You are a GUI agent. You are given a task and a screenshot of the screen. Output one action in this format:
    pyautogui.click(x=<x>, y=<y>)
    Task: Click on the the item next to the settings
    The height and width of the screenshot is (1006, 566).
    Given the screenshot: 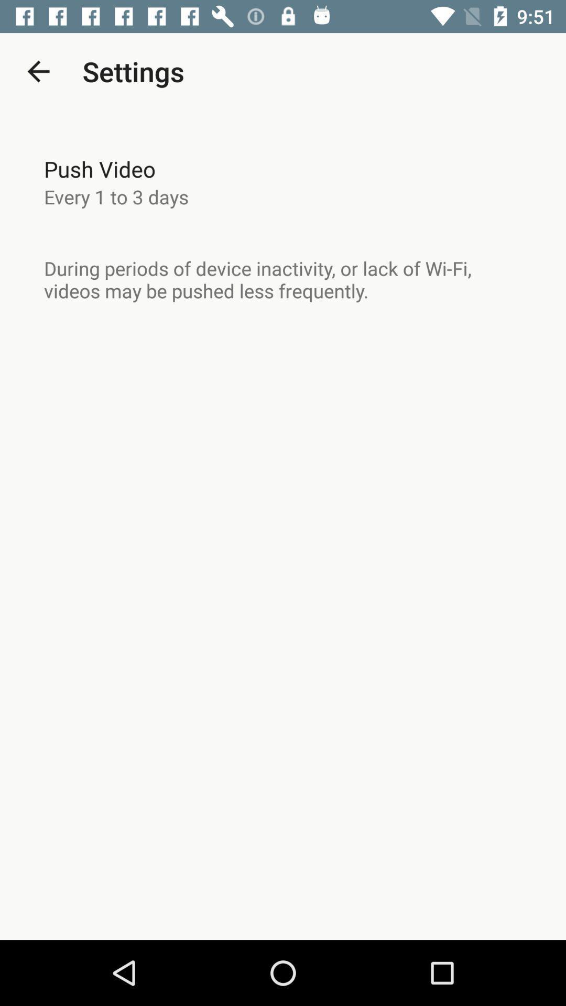 What is the action you would take?
    pyautogui.click(x=38, y=71)
    